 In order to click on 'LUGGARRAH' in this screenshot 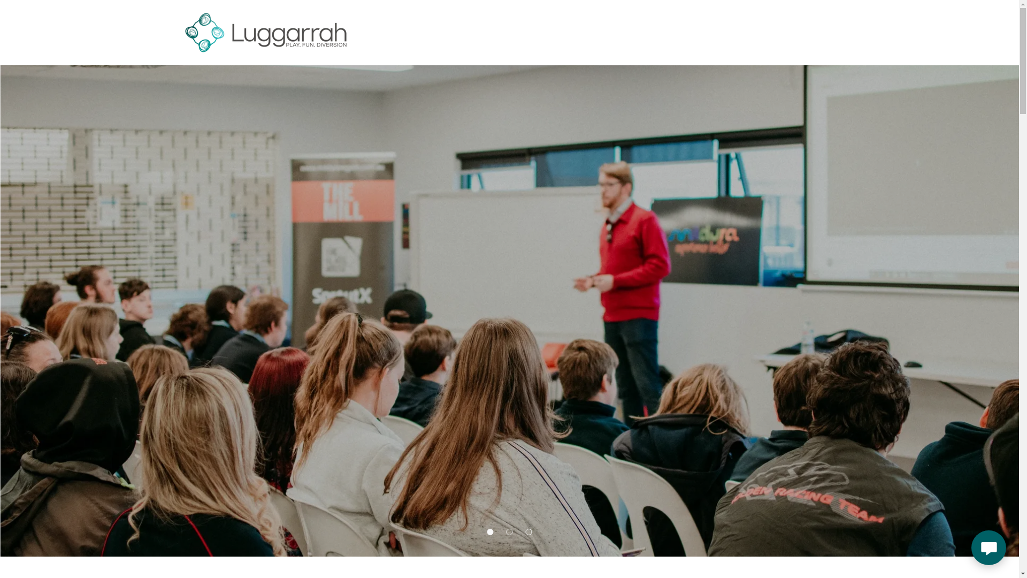, I will do `click(265, 30)`.